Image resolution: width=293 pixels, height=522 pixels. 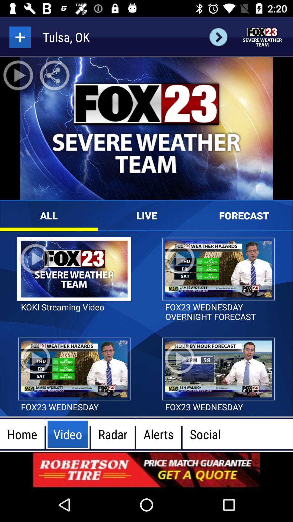 What do you see at coordinates (20, 37) in the screenshot?
I see `plex` at bounding box center [20, 37].